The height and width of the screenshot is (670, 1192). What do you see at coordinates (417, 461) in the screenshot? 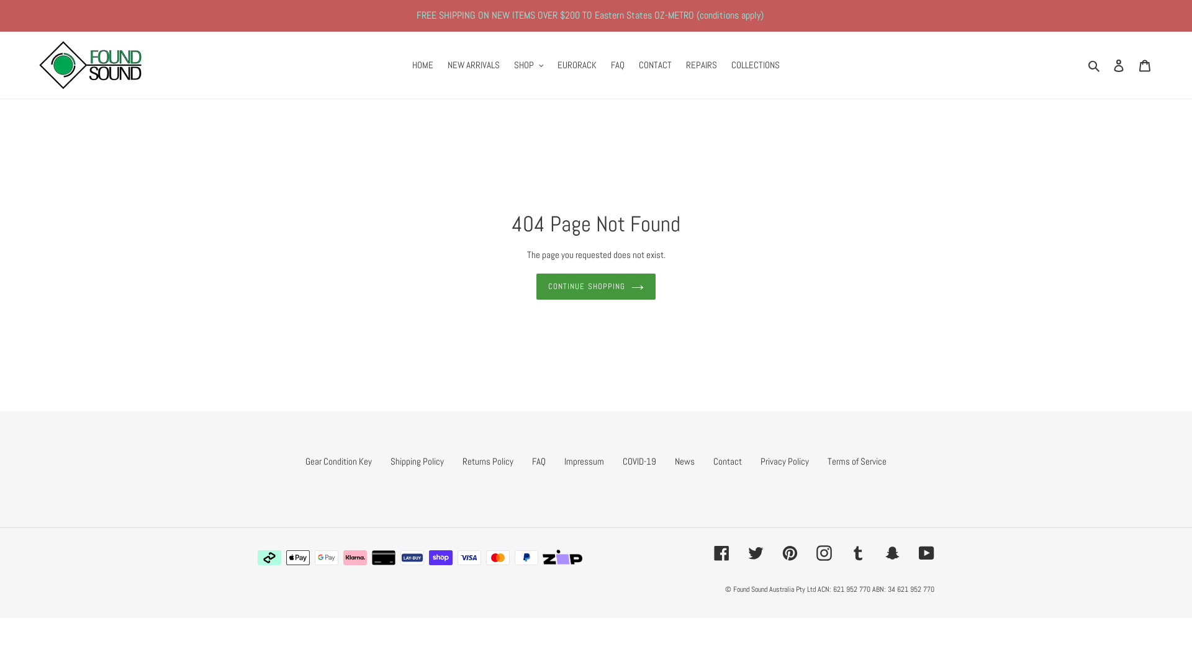
I see `'Shipping Policy'` at bounding box center [417, 461].